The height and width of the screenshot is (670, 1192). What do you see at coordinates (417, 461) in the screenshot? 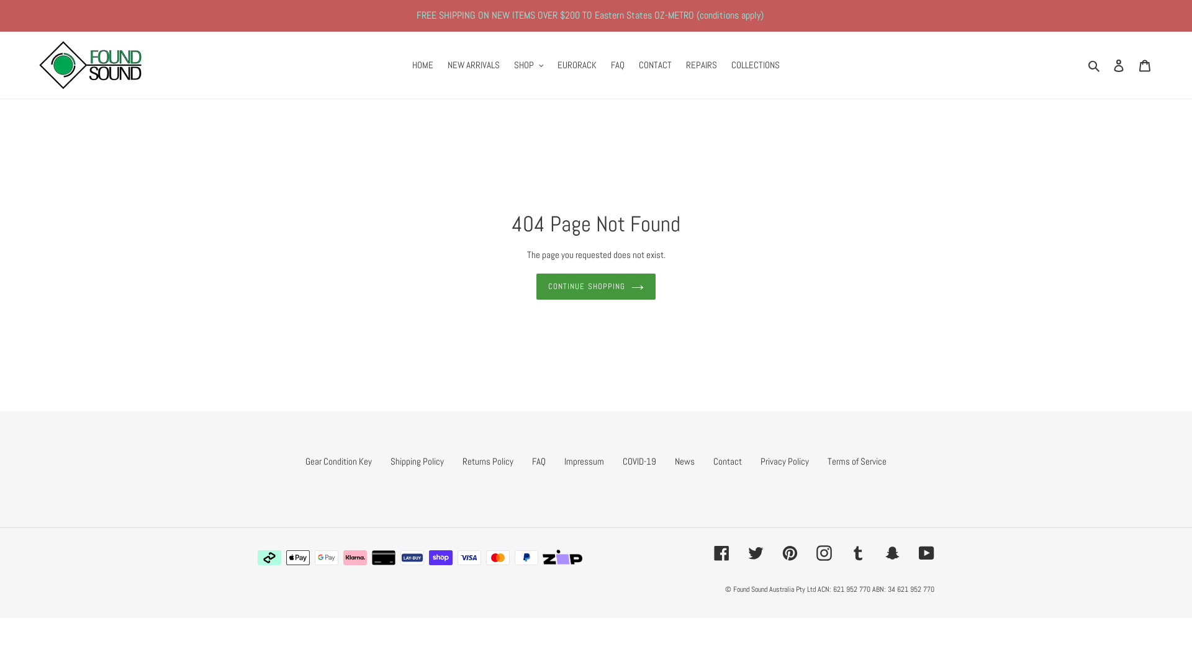
I see `'Shipping Policy'` at bounding box center [417, 461].